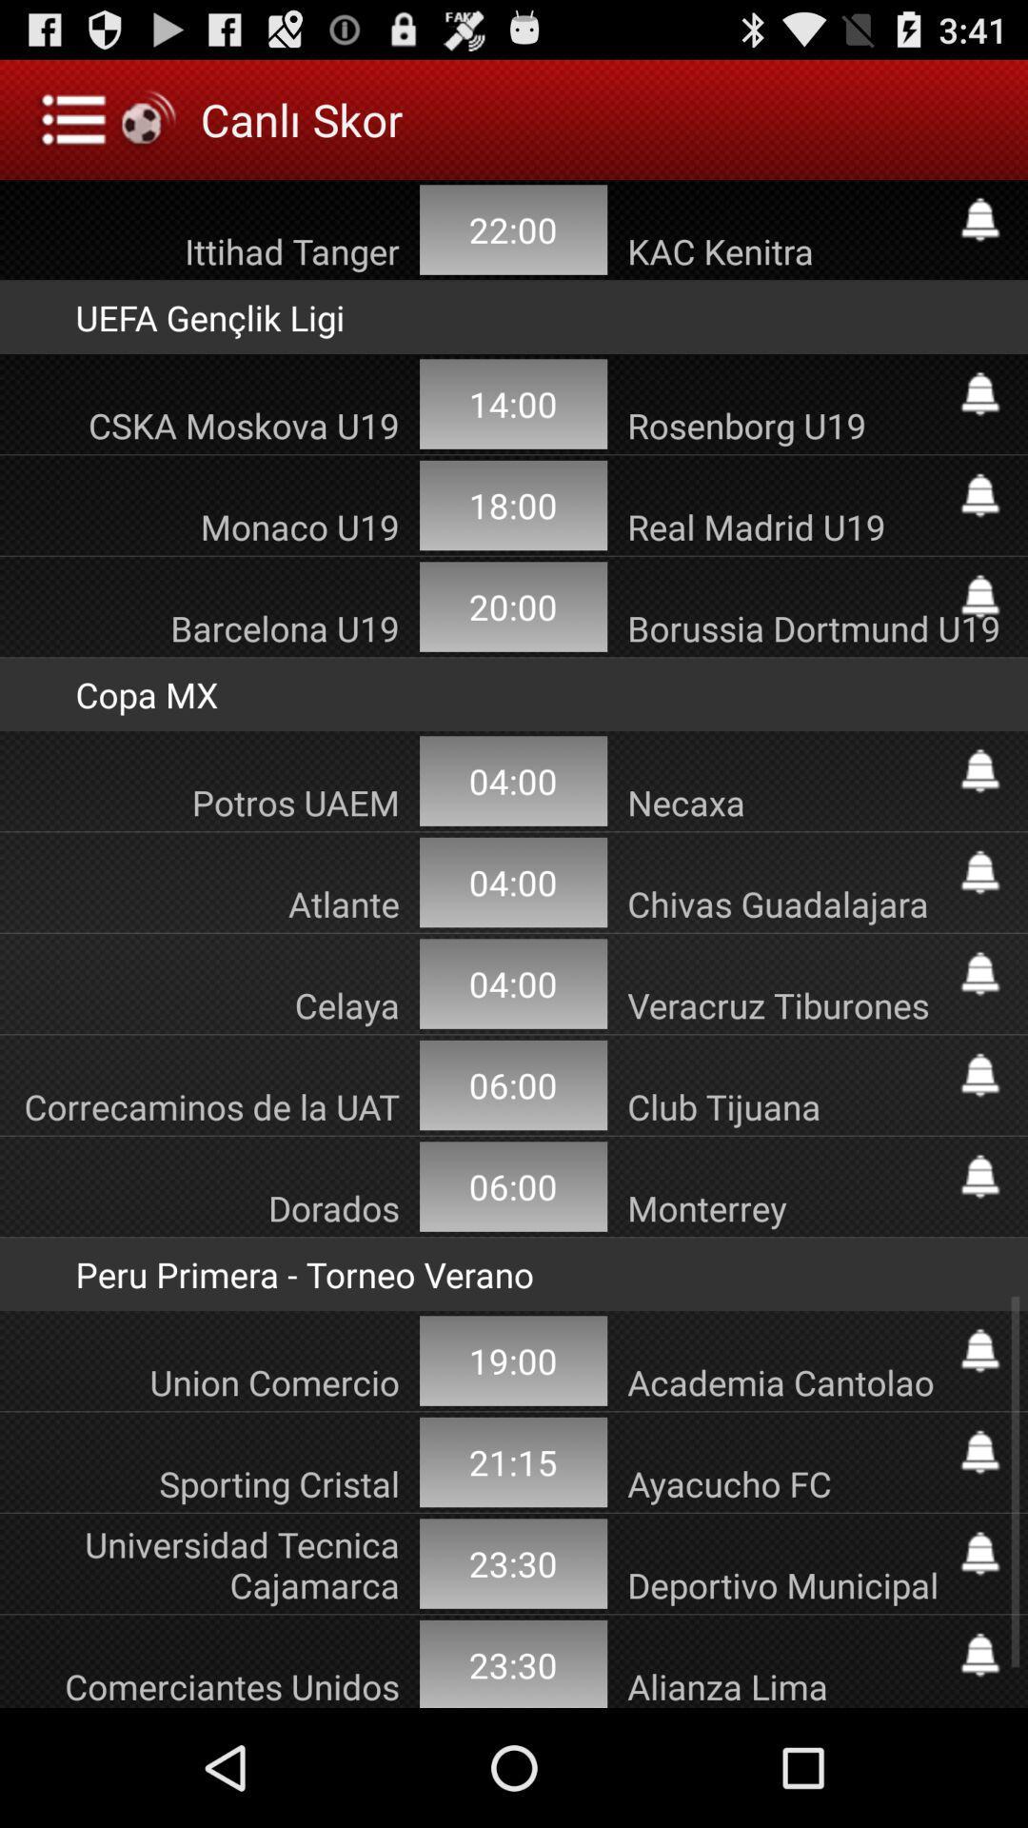 Image resolution: width=1028 pixels, height=1828 pixels. I want to click on turn on notifcations, so click(979, 392).